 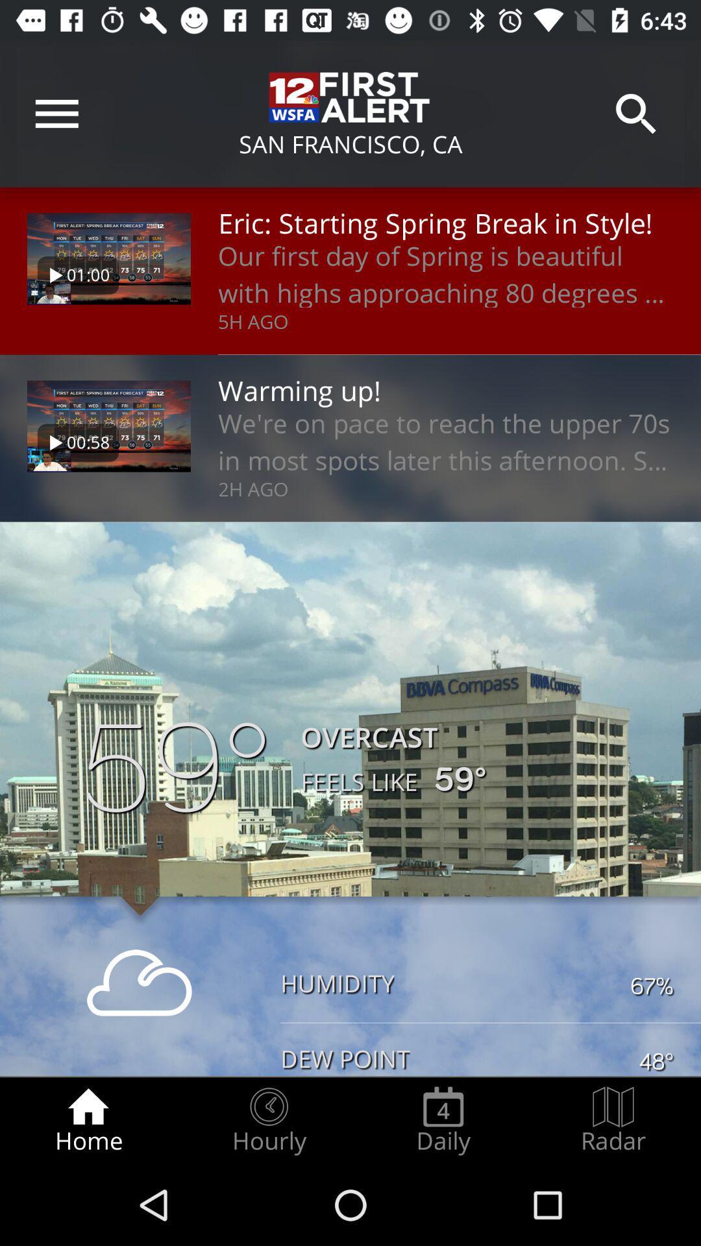 What do you see at coordinates (613, 1120) in the screenshot?
I see `icon next to daily icon` at bounding box center [613, 1120].